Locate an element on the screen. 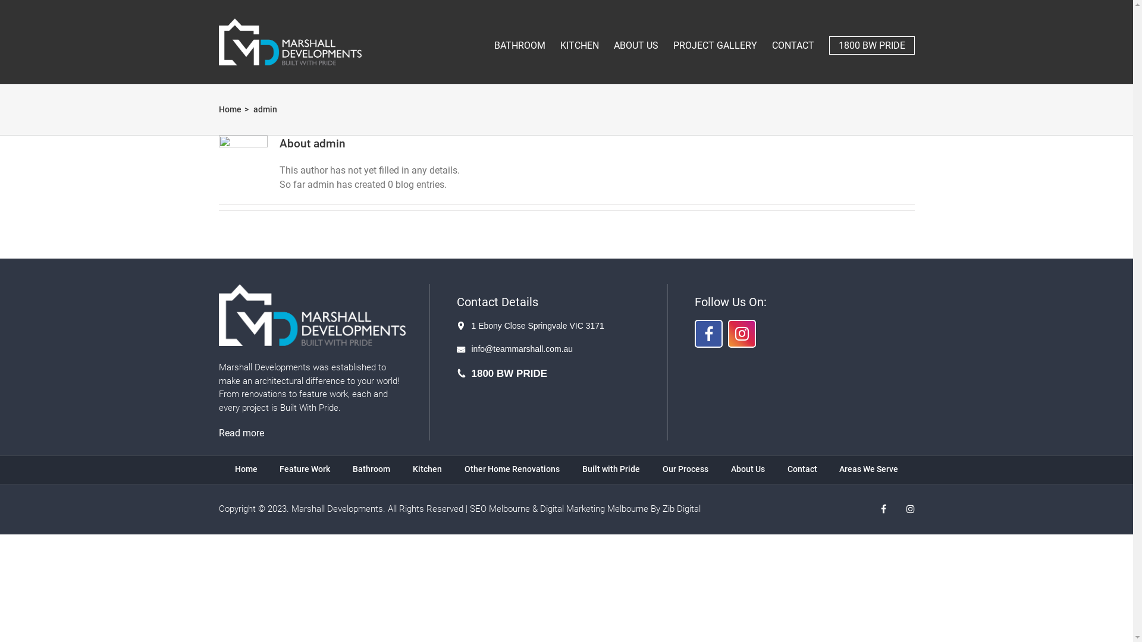 The image size is (1142, 642). 'Our Process' is located at coordinates (685, 468).